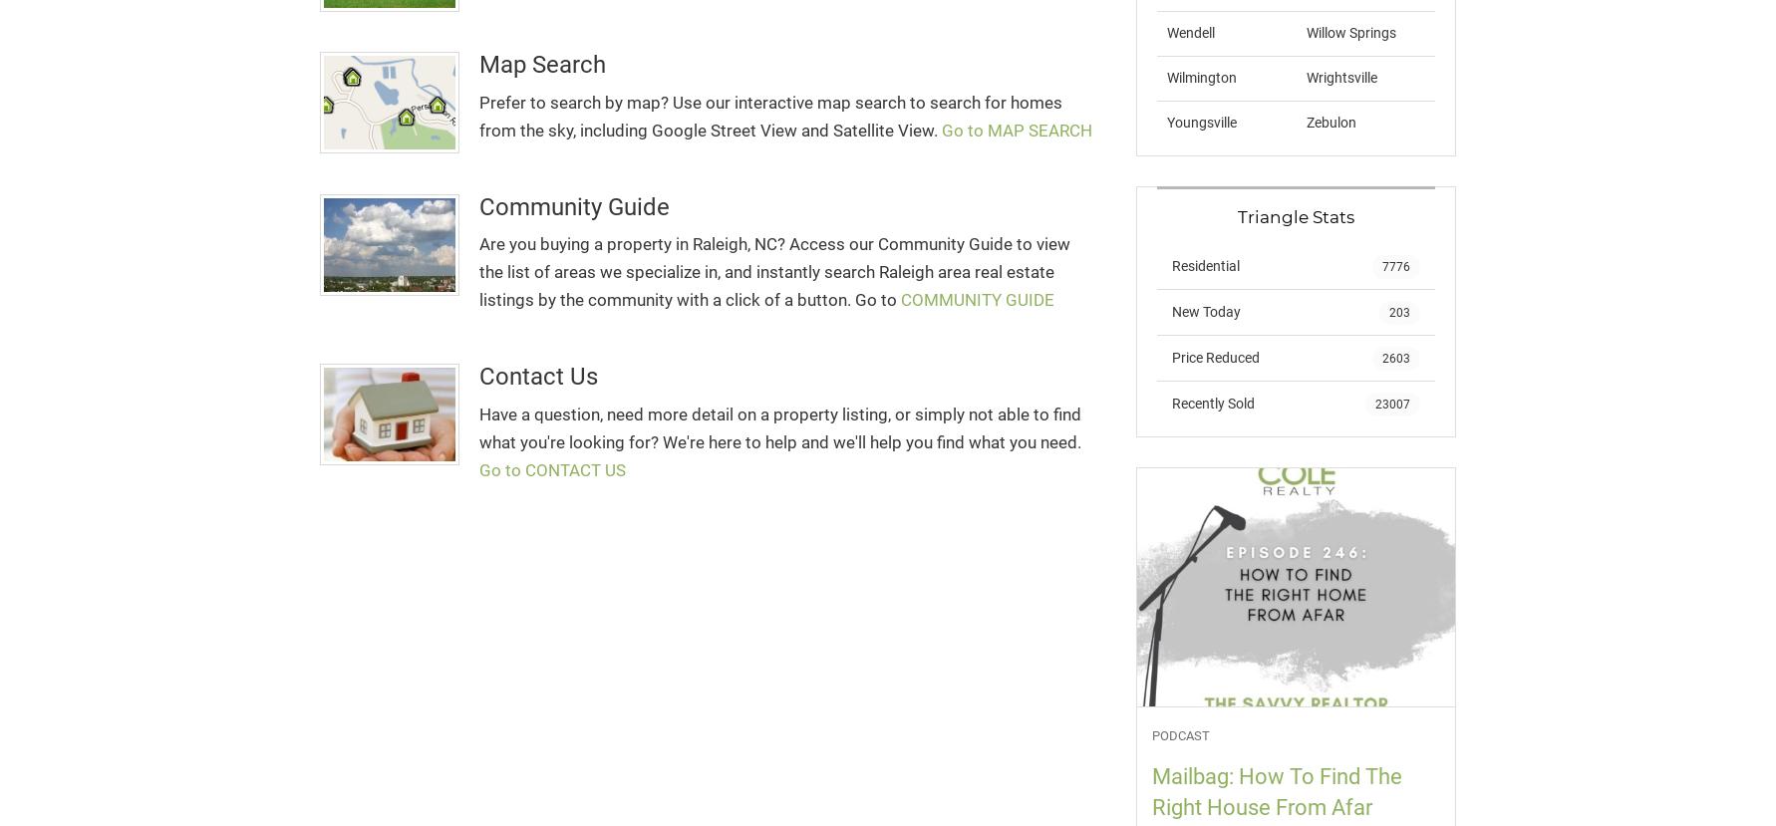  What do you see at coordinates (1170, 355) in the screenshot?
I see `'Price Reduced'` at bounding box center [1170, 355].